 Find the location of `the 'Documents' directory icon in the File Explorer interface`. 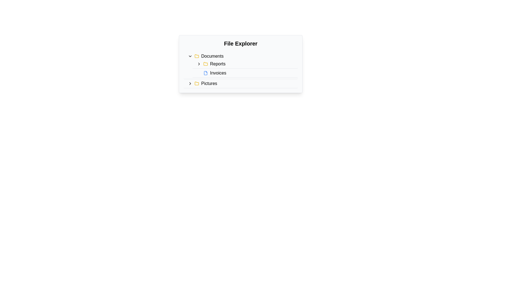

the 'Documents' directory icon in the File Explorer interface is located at coordinates (205, 63).